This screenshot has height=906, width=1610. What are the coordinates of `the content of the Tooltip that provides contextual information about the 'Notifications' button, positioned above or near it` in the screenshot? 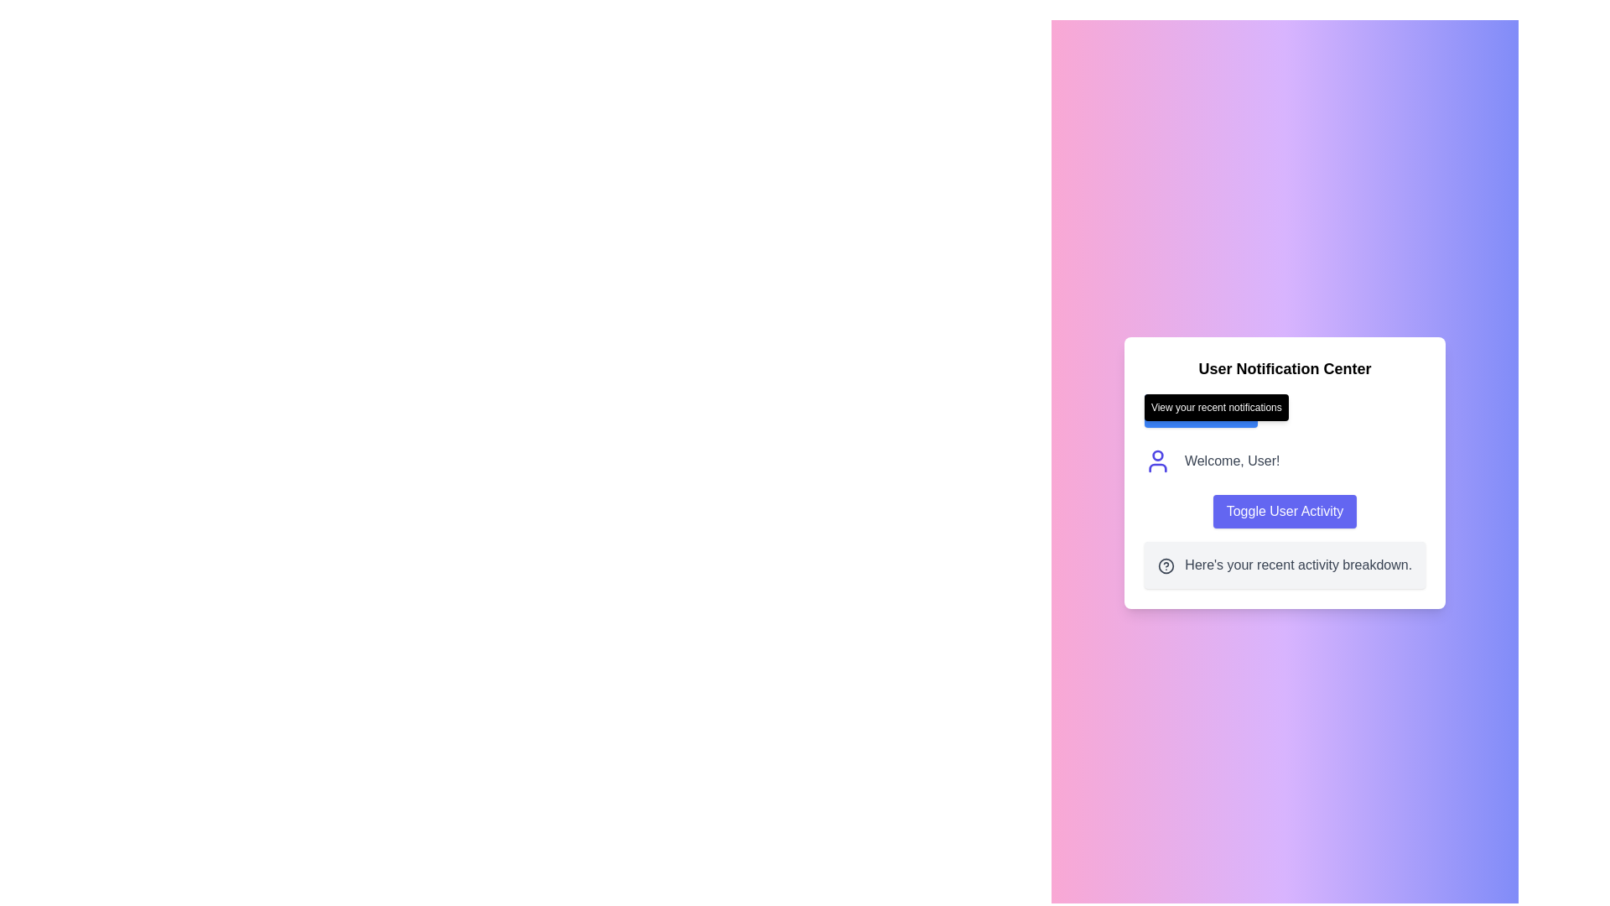 It's located at (1216, 408).